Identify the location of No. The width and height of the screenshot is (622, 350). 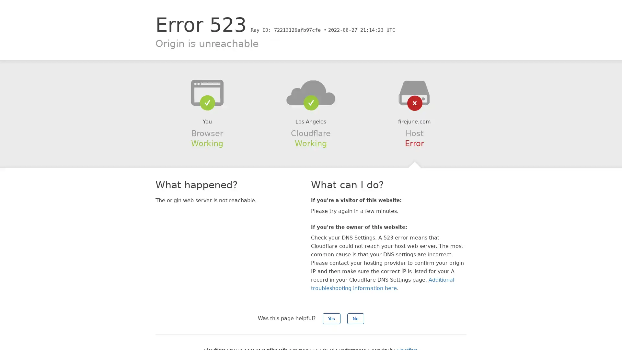
(355, 318).